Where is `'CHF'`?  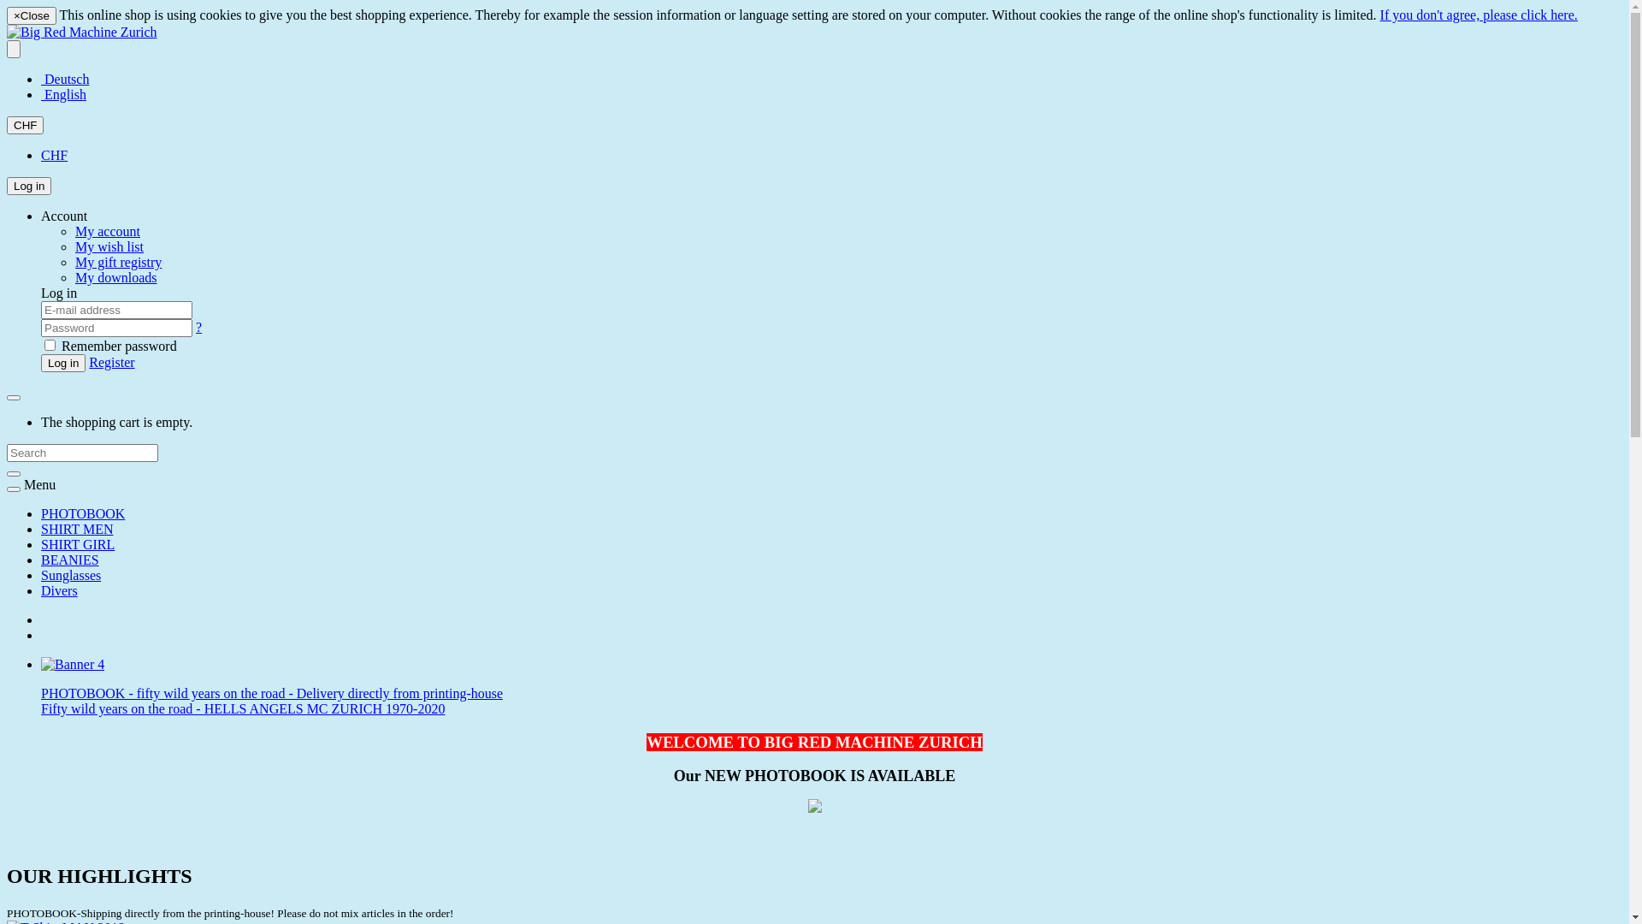
'CHF' is located at coordinates (25, 124).